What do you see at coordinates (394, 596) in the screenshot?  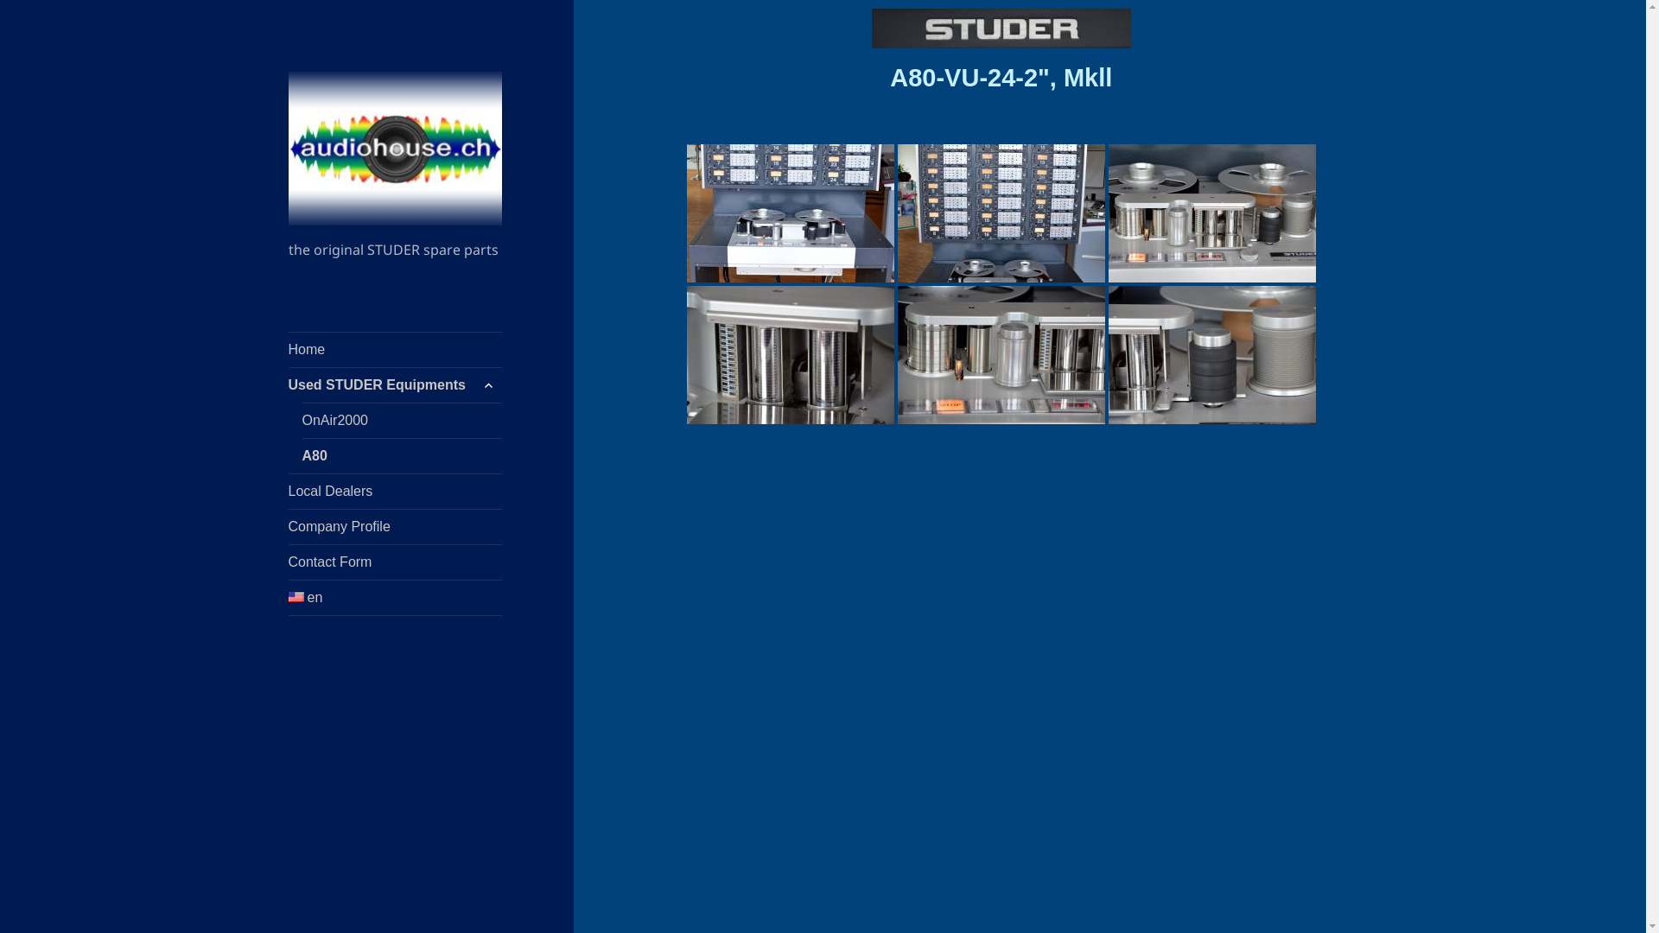 I see `'en'` at bounding box center [394, 596].